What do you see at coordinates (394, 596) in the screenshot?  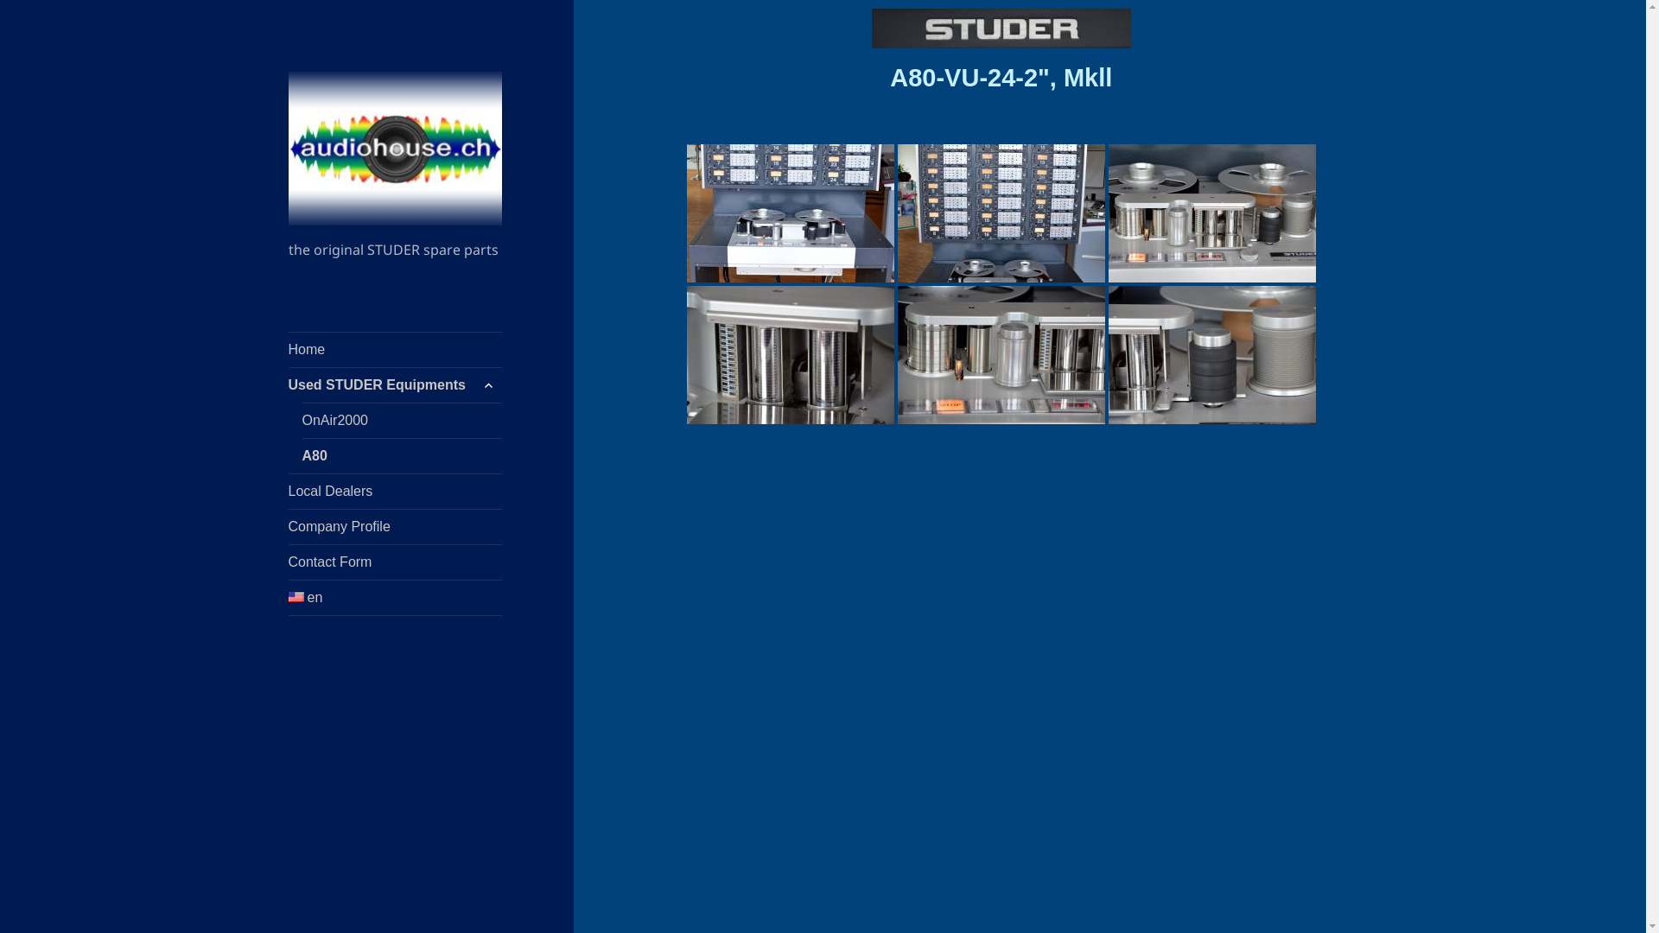 I see `'en'` at bounding box center [394, 596].